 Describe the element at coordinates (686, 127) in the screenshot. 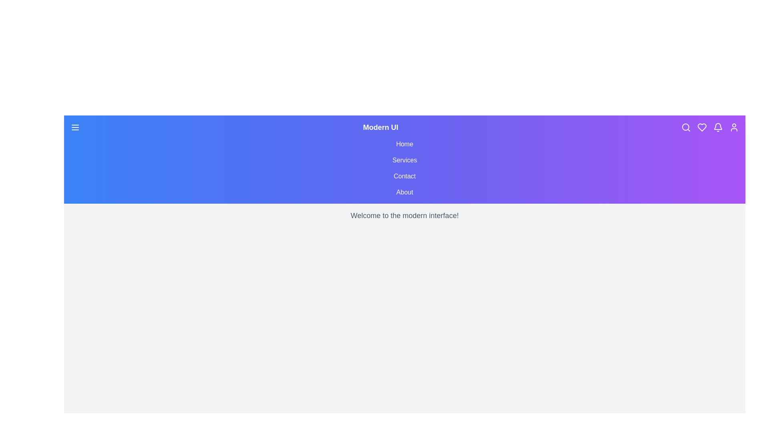

I see `the search icon to initiate a search action` at that location.